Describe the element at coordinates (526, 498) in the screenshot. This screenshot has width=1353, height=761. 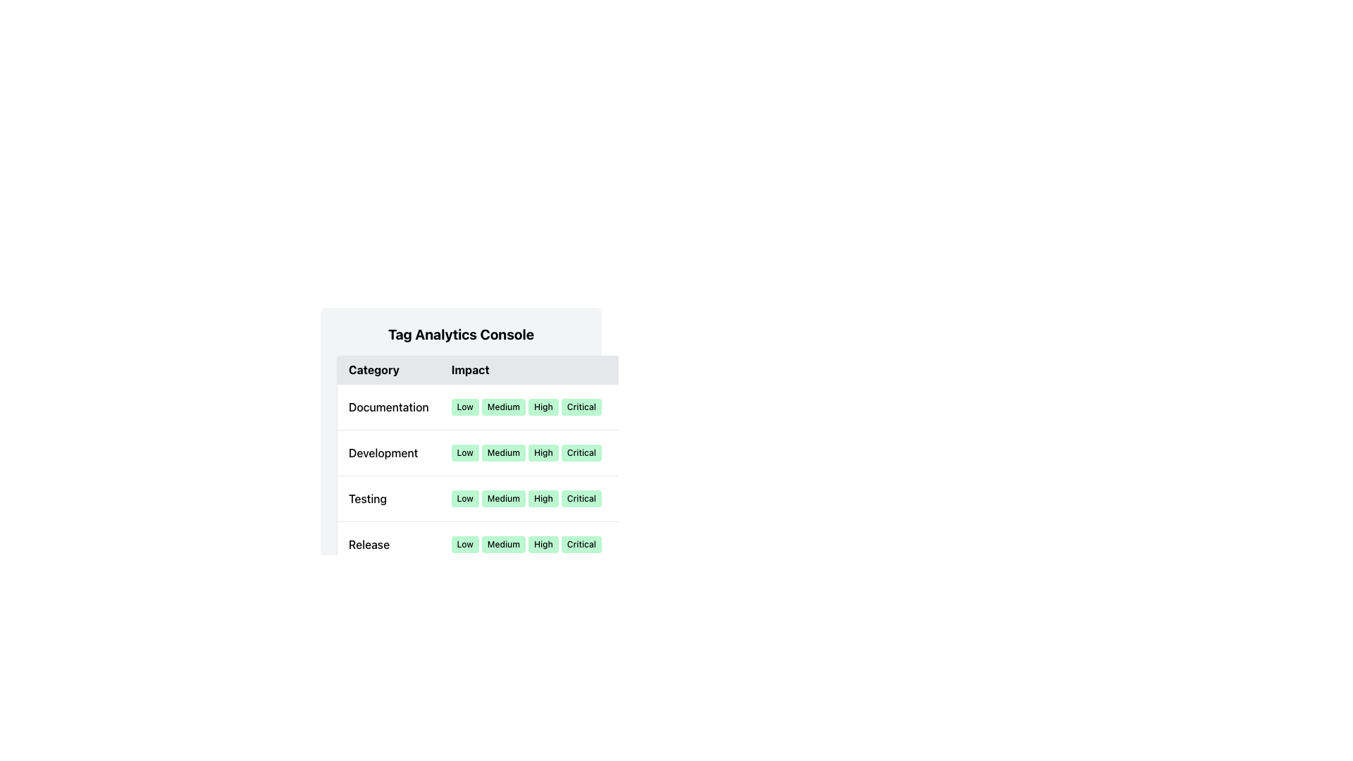
I see `the impact levels displayed in the horizontal bar containing the labels 'Low', 'Medium', 'High', and 'Critical' in the 'Impact' column of the Testing row` at that location.